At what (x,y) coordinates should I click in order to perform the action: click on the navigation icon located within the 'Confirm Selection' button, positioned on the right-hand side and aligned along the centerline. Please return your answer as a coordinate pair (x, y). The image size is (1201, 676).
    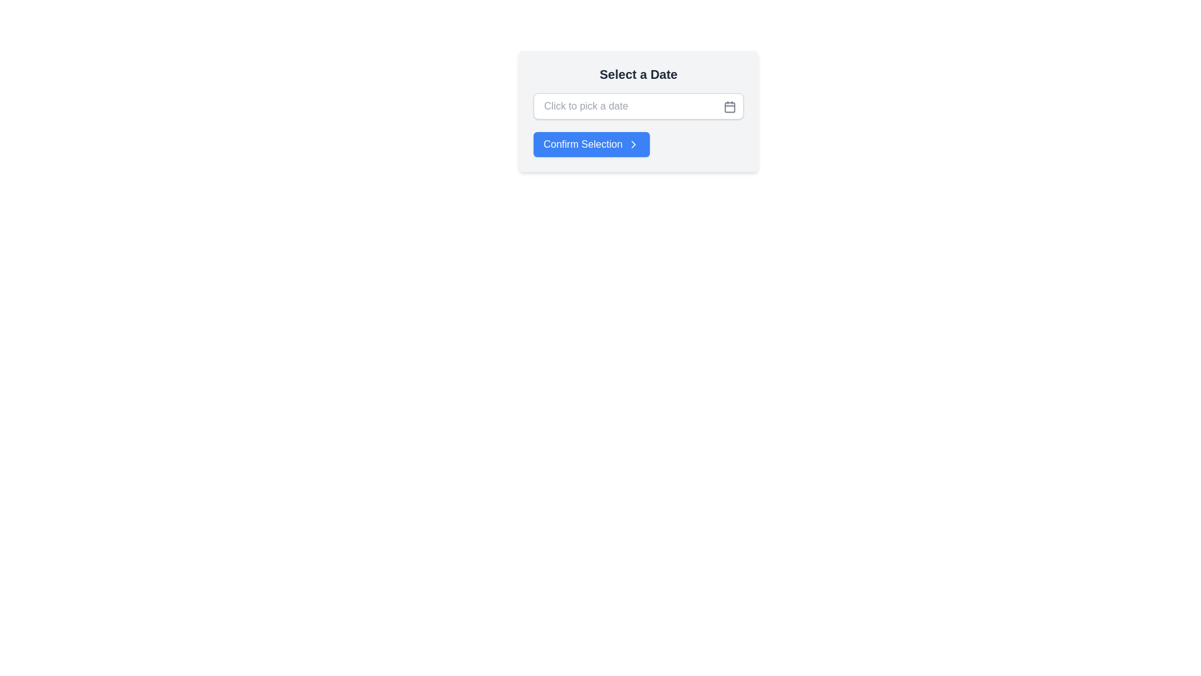
    Looking at the image, I should click on (634, 144).